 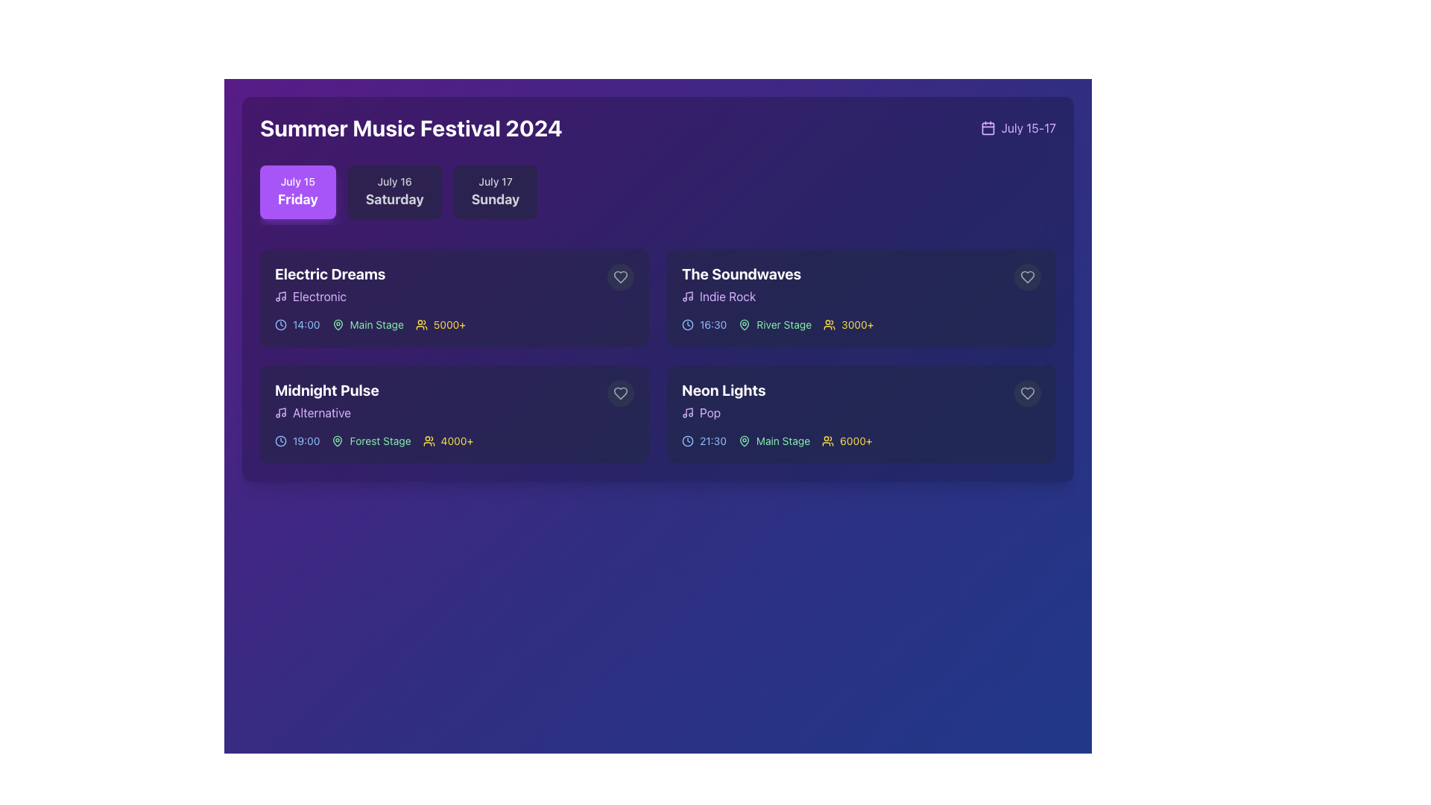 I want to click on the static text label displaying '21:30' in light blue color, located within the 'Neon Lights' event details in the bottom right quadrant of the interface, so click(x=712, y=440).